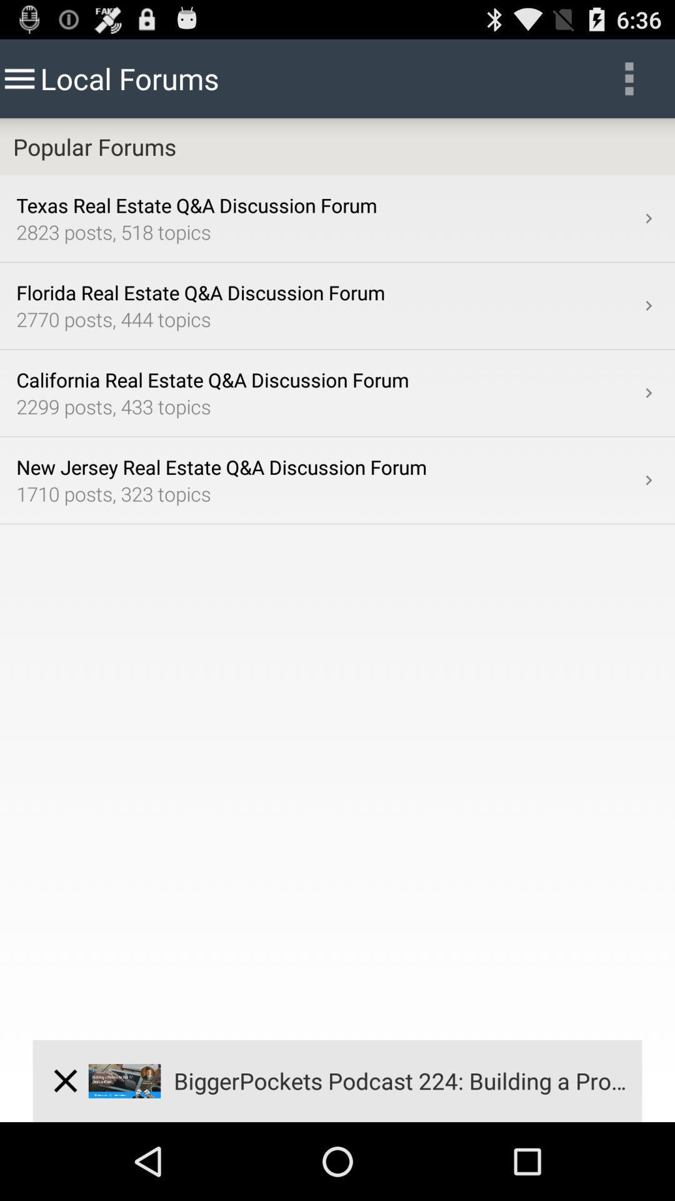 Image resolution: width=675 pixels, height=1201 pixels. I want to click on the item on the right, so click(647, 480).